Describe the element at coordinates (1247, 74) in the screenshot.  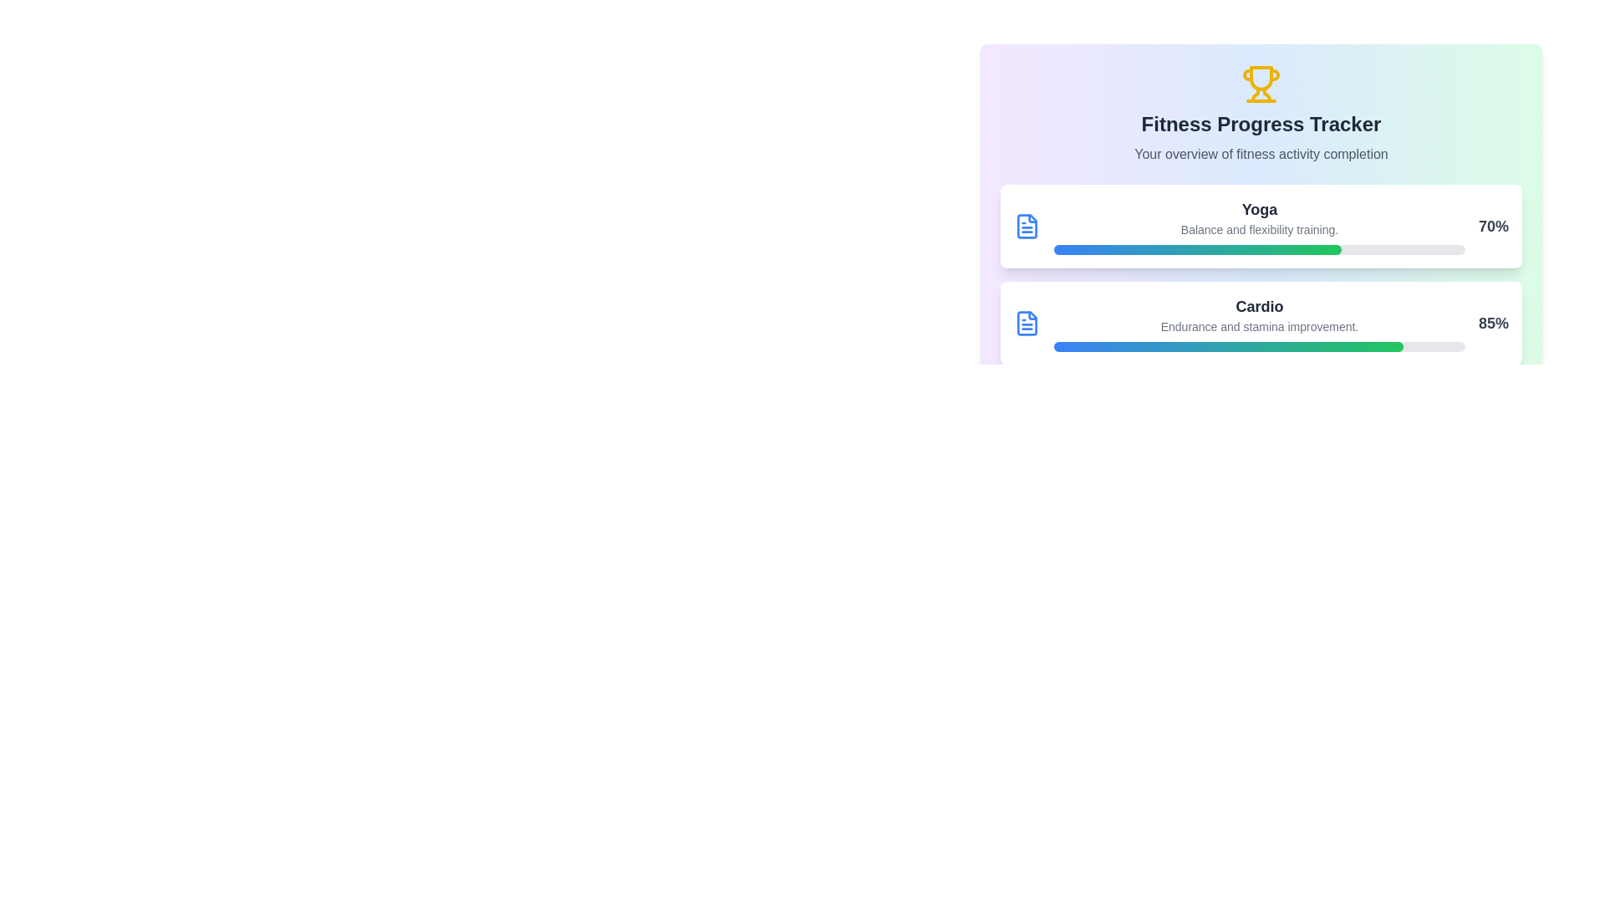
I see `the rounded rectangular protrusion at the base of the trophy icon in the top-central section of the layout, which is part of the 'Fitness Progress Tracker' heading` at that location.